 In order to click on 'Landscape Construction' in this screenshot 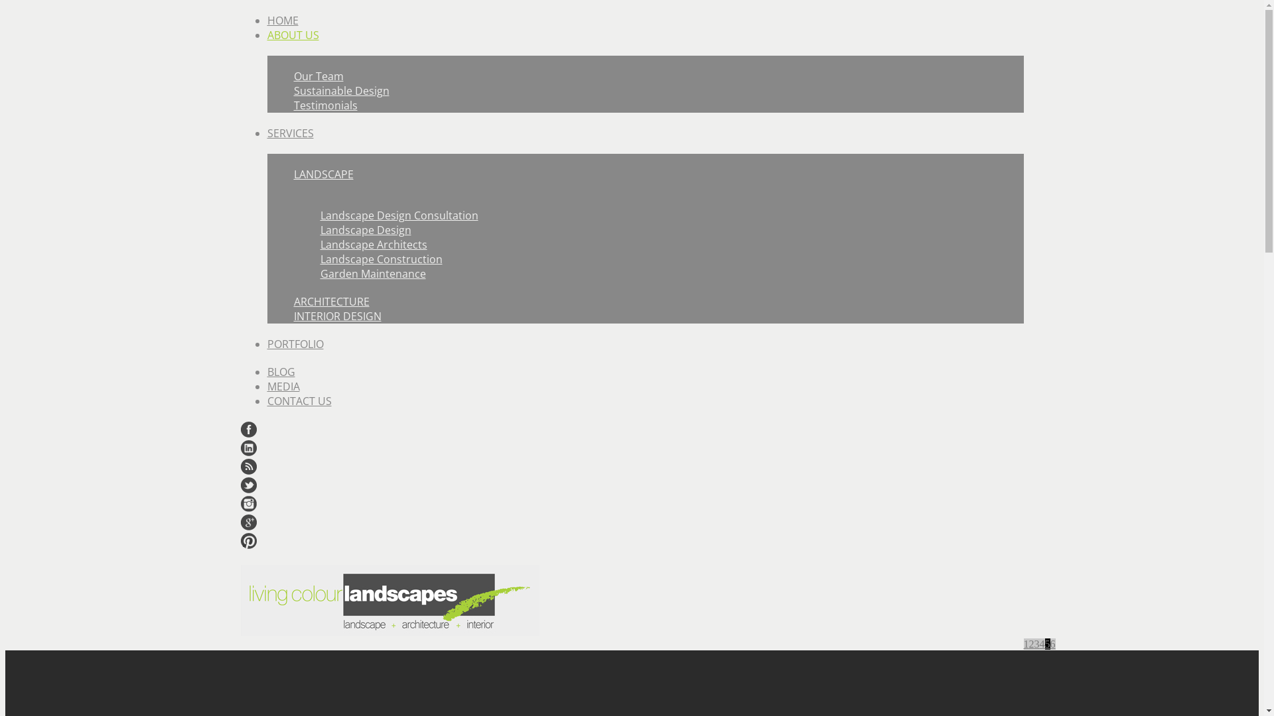, I will do `click(319, 259)`.